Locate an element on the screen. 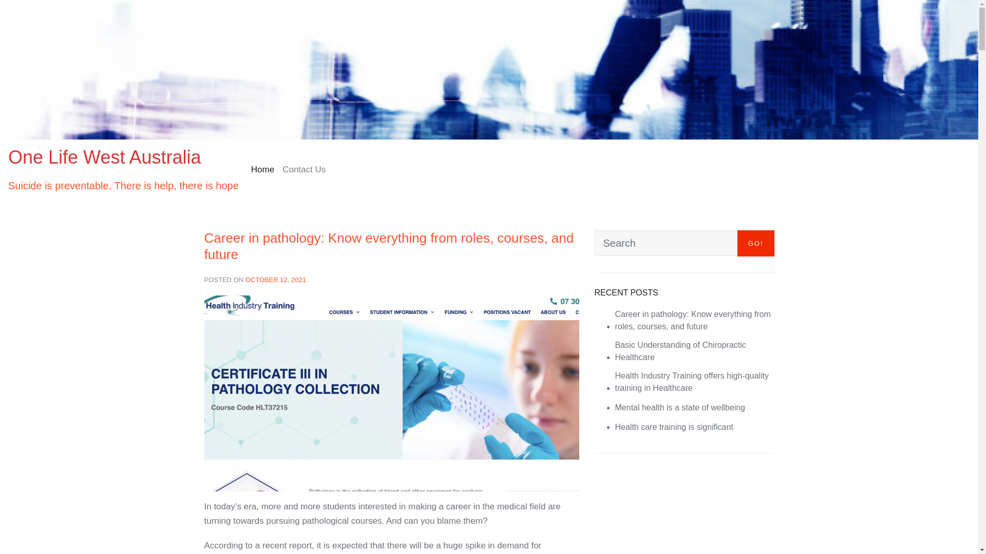  'Home' is located at coordinates (262, 169).